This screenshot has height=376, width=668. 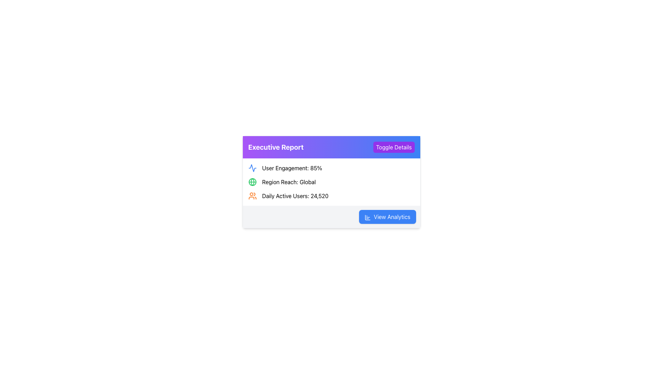 What do you see at coordinates (252, 168) in the screenshot?
I see `the blue activity or heartbeat graph icon located next to 'User Engagement: 85%' in the 'Executive Report' section` at bounding box center [252, 168].